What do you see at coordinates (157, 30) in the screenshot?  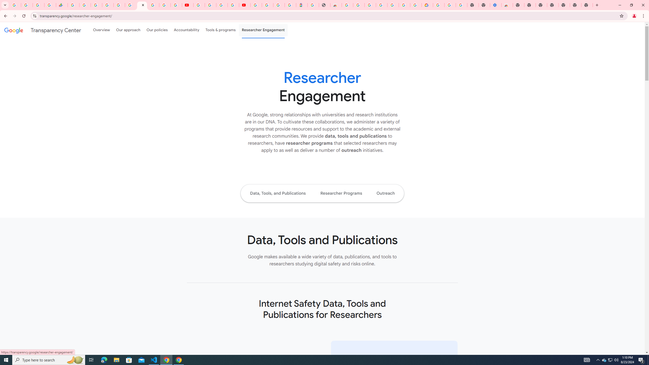 I see `'Our policies'` at bounding box center [157, 30].